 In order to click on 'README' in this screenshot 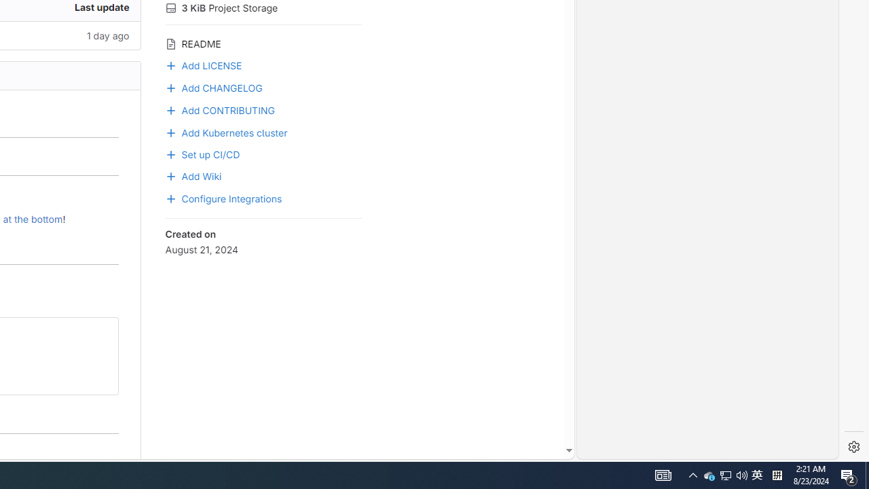, I will do `click(263, 41)`.